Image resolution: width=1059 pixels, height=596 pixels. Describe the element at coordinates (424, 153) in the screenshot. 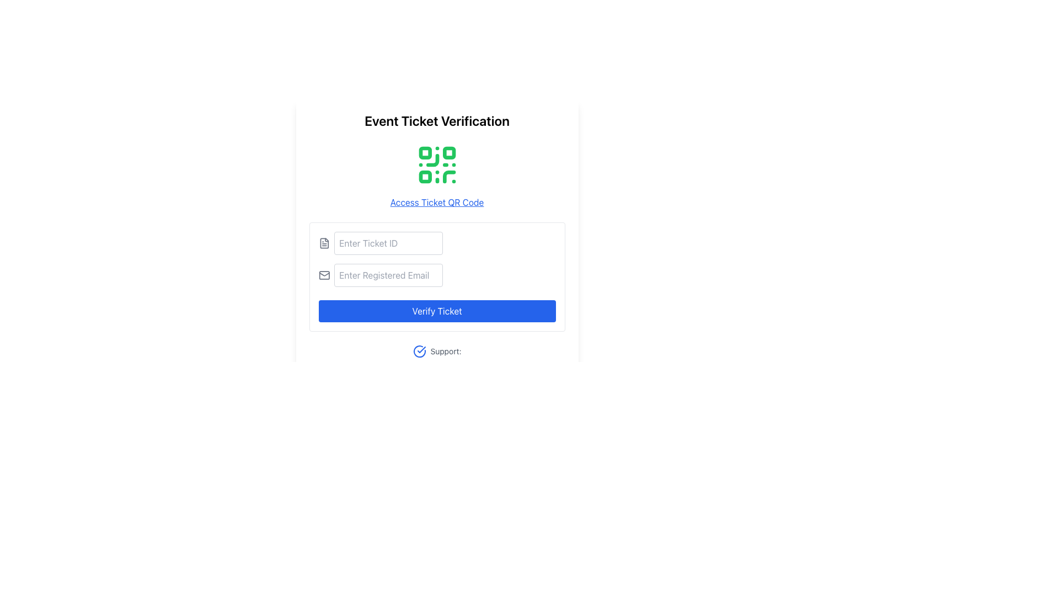

I see `the small green square with rounded corners located in the top-left quadrant of the QR code` at that location.